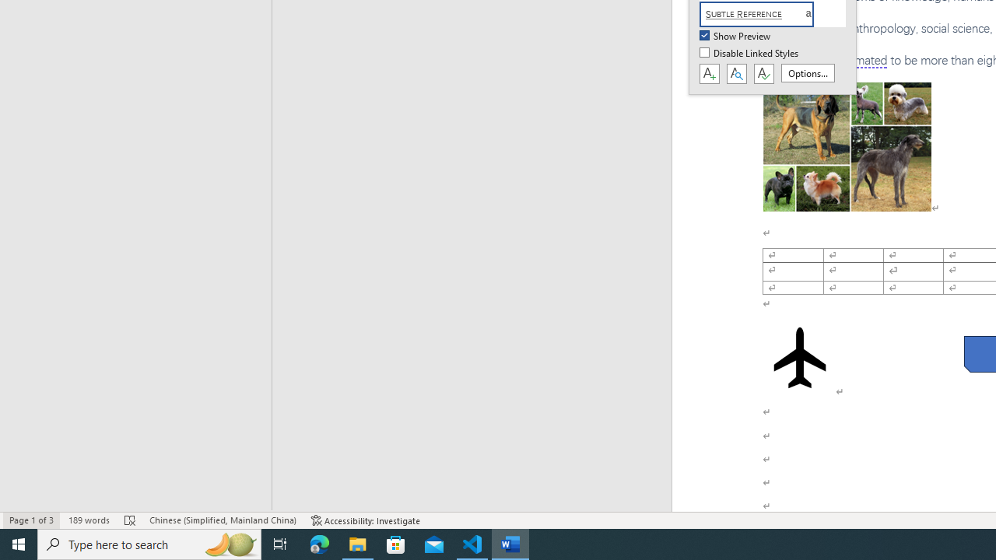 The width and height of the screenshot is (996, 560). I want to click on 'Options...', so click(808, 72).